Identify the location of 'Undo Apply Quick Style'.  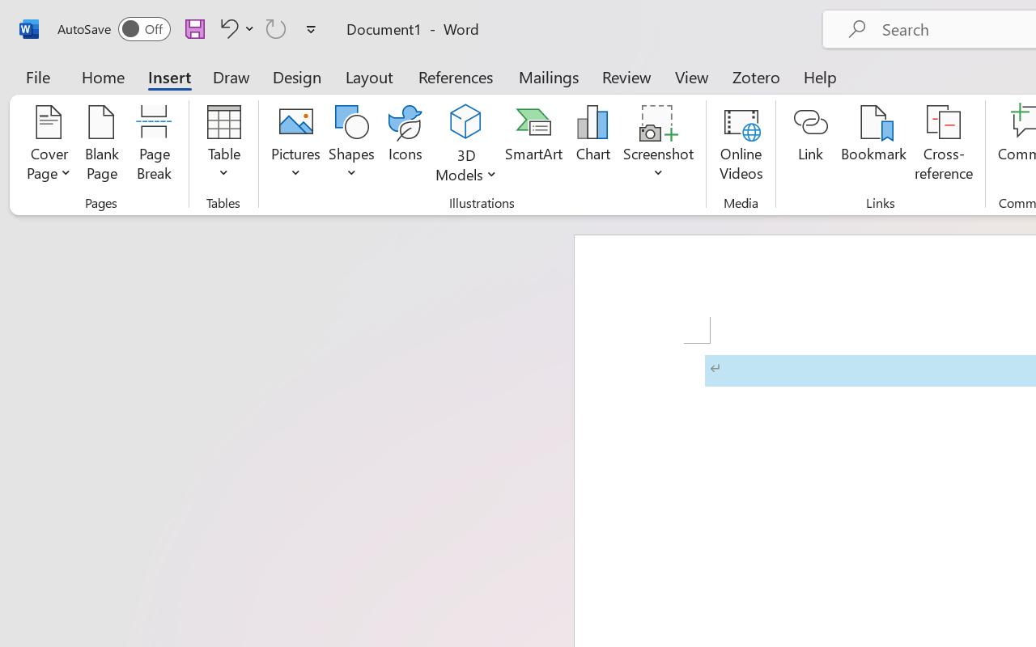
(234, 27).